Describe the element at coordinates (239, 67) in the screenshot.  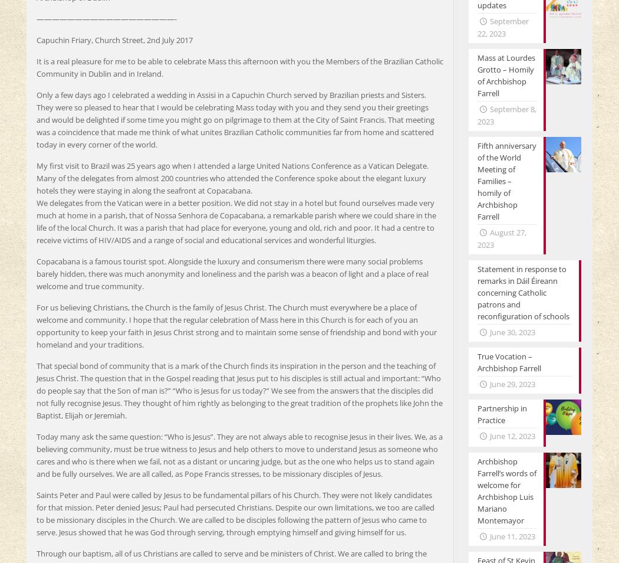
I see `'It is a real pleasure for me to be able to celebrate Mass this afternoon with you the Members of the Brazilian Catholic Community in Dublin and in Ireland.'` at that location.